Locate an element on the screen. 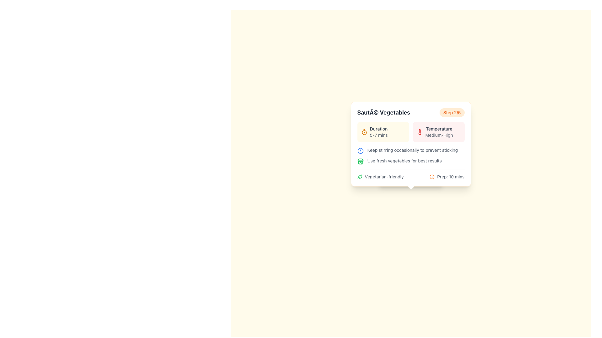  the informational text 'Use fresh vegetables for best results' accompanied by a green store icon, positioned under the 'Sauté Vegetables' block is located at coordinates (411, 161).